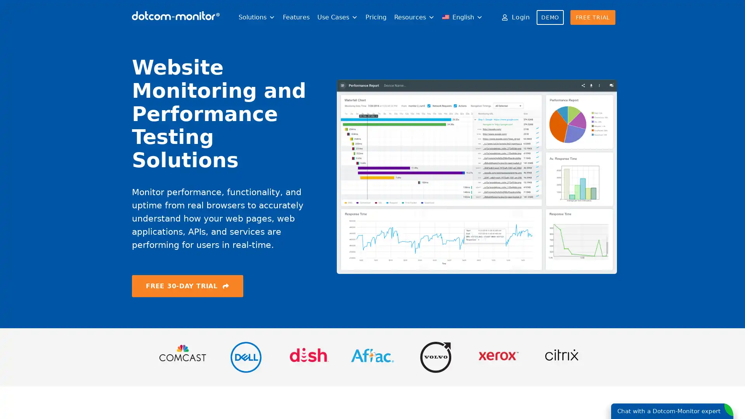  I want to click on FREE TRIAL, so click(592, 17).